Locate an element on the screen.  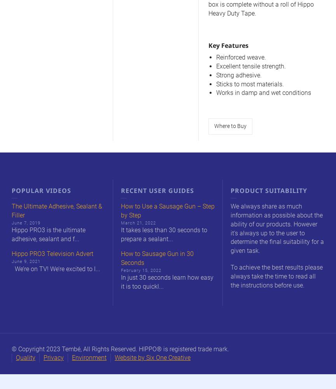
'In just 30 seconds learn how easy it is too quickl...' is located at coordinates (121, 282).